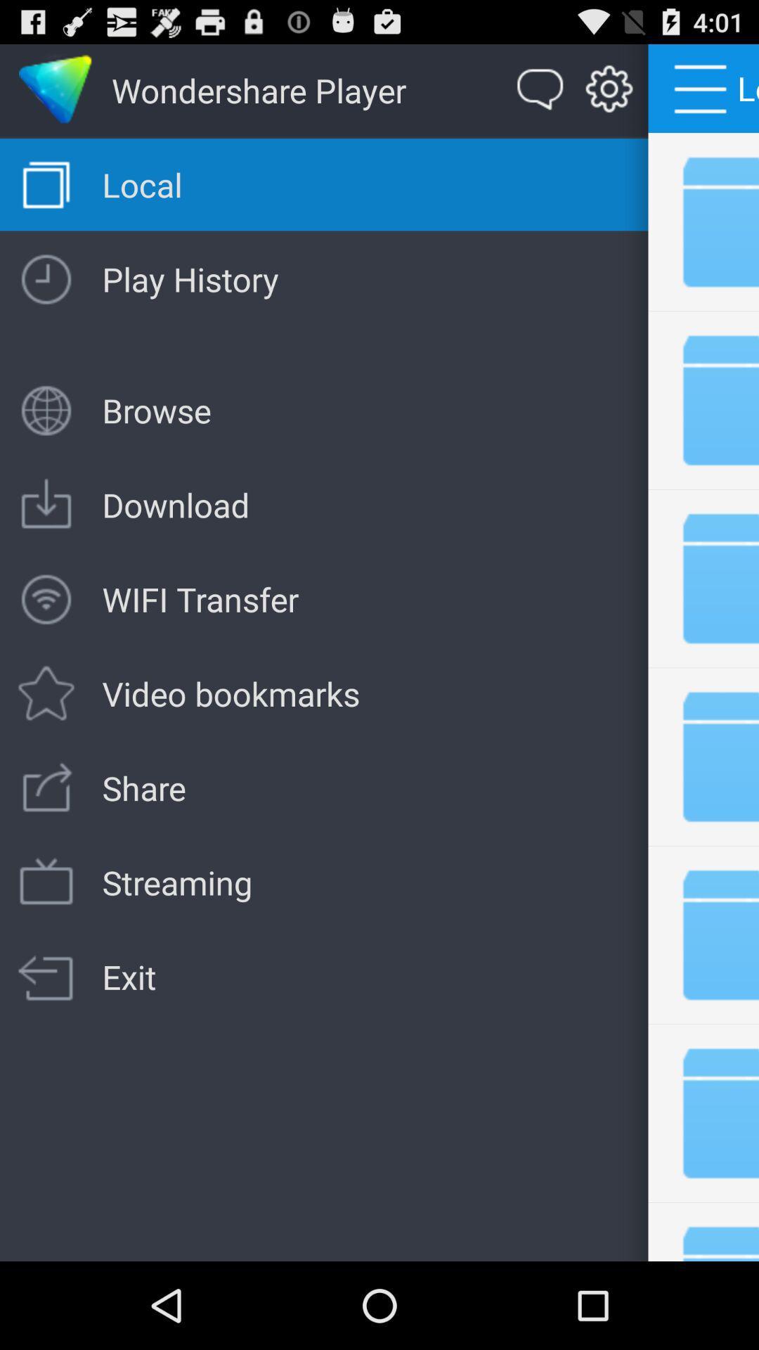 The height and width of the screenshot is (1350, 759). I want to click on the settings icon, so click(609, 96).